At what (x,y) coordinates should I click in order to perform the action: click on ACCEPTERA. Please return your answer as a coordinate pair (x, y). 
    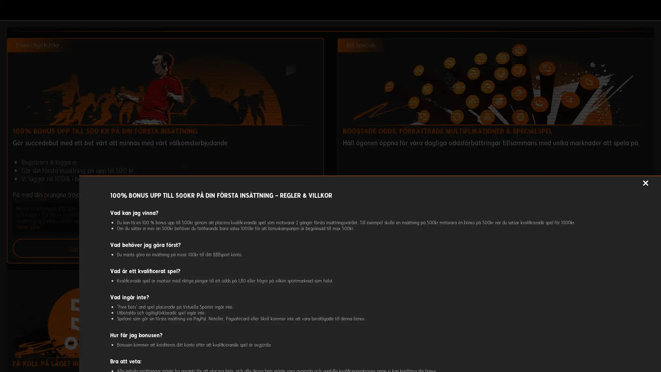
    Looking at the image, I should click on (604, 352).